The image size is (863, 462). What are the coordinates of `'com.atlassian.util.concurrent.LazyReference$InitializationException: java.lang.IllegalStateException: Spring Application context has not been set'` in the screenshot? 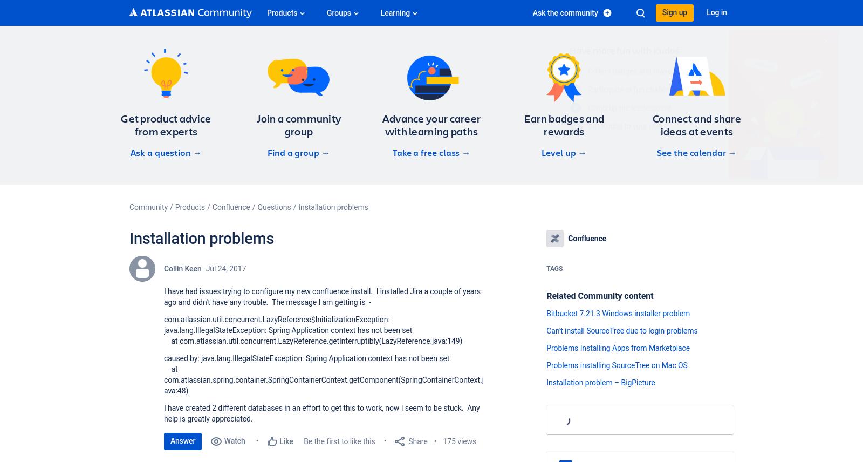 It's located at (287, 325).